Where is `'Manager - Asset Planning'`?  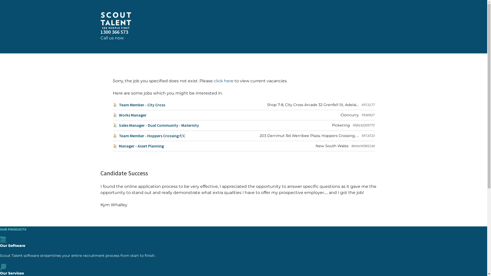 'Manager - Asset Planning' is located at coordinates (112, 146).